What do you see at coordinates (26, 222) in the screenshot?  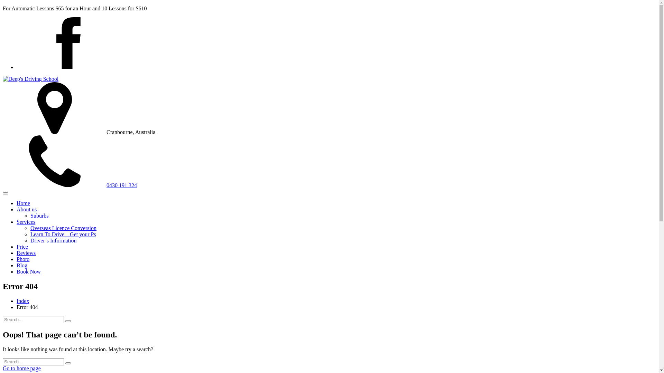 I see `'Services'` at bounding box center [26, 222].